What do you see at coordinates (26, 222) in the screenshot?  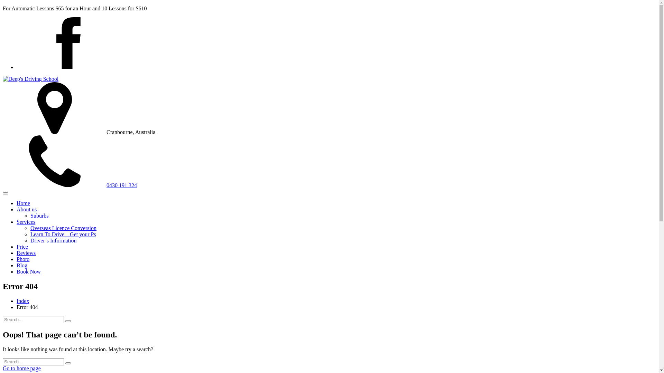 I see `'Services'` at bounding box center [26, 222].